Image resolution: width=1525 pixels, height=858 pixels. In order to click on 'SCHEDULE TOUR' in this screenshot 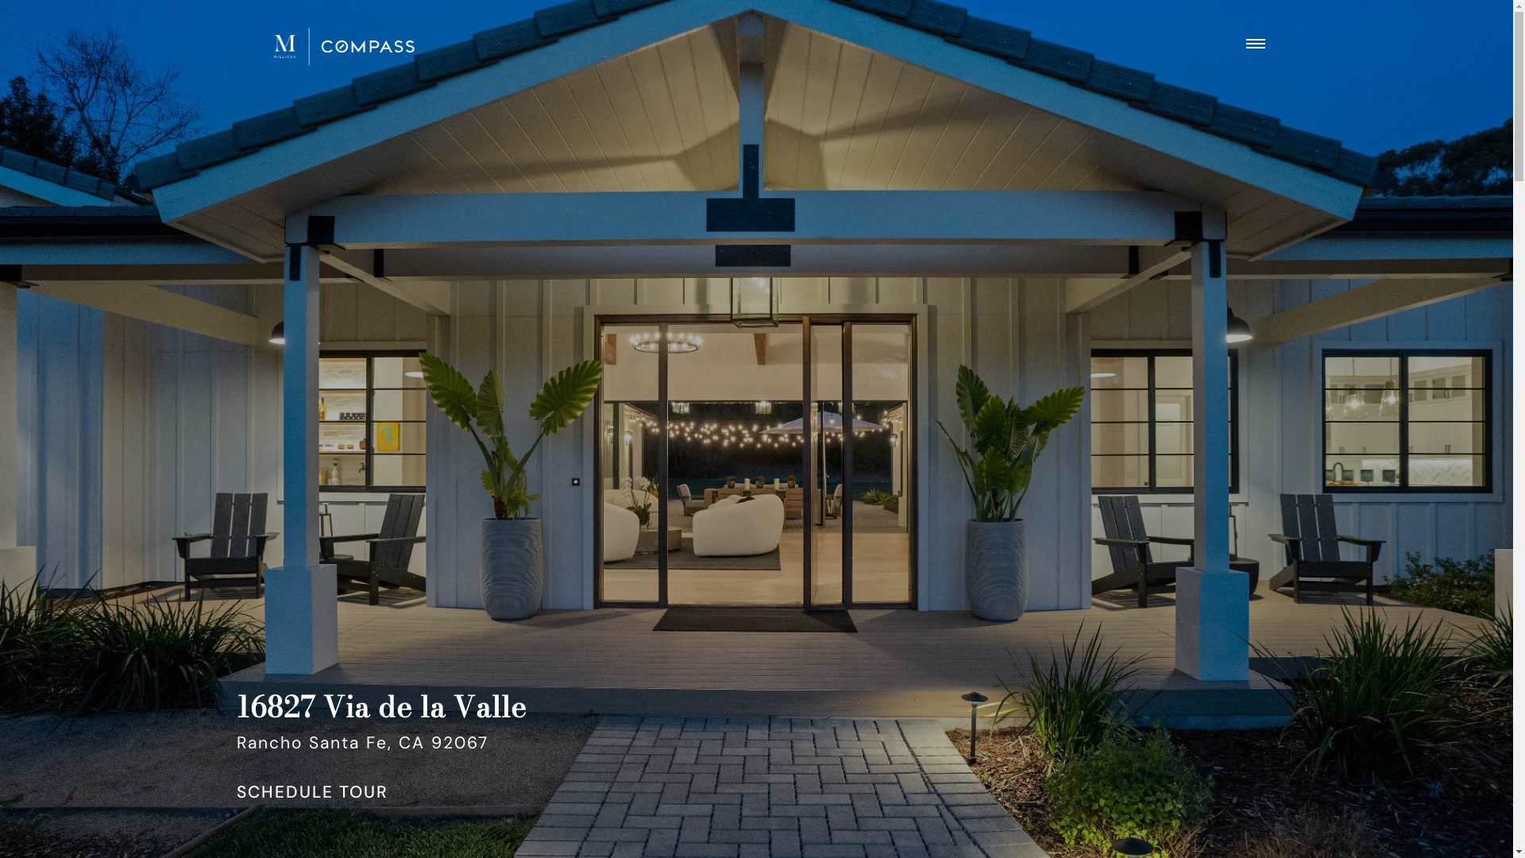, I will do `click(312, 793)`.